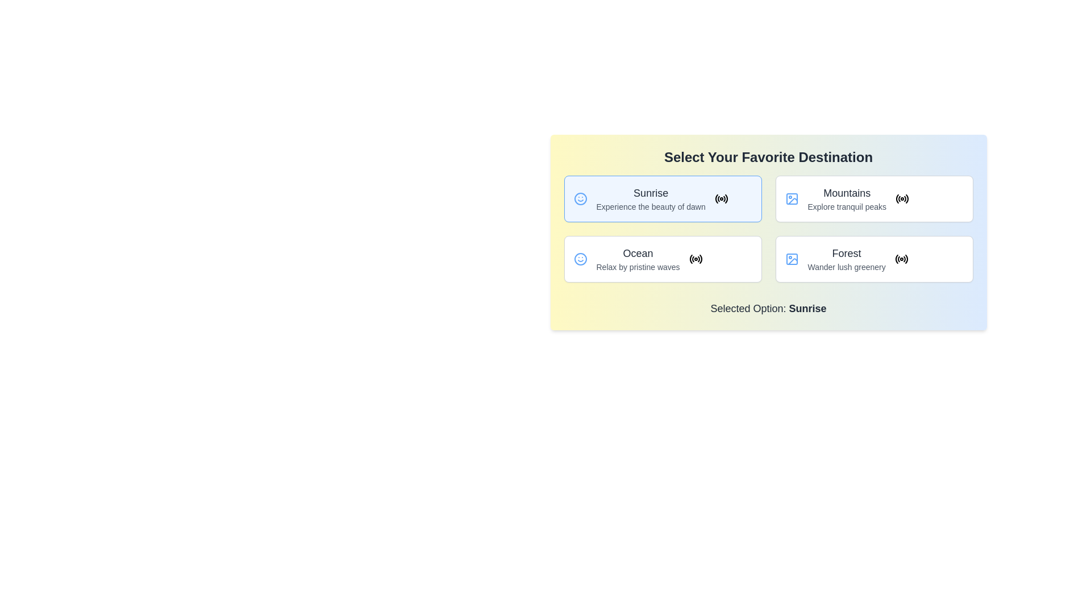 The width and height of the screenshot is (1091, 614). Describe the element at coordinates (651, 198) in the screenshot. I see `the descriptive text element titled 'Sunrise', located in the upper-left quadrant of the interface, directly above the 'Ocean' option and adjacent to the 'Mountains' option` at that location.